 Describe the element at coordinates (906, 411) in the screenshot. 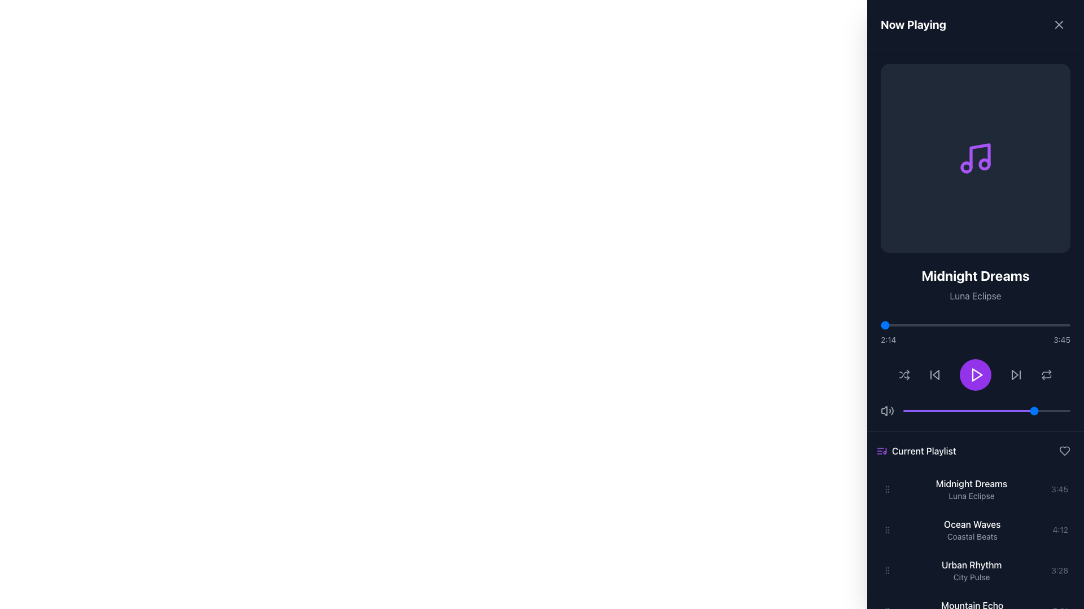

I see `the slider value` at that location.